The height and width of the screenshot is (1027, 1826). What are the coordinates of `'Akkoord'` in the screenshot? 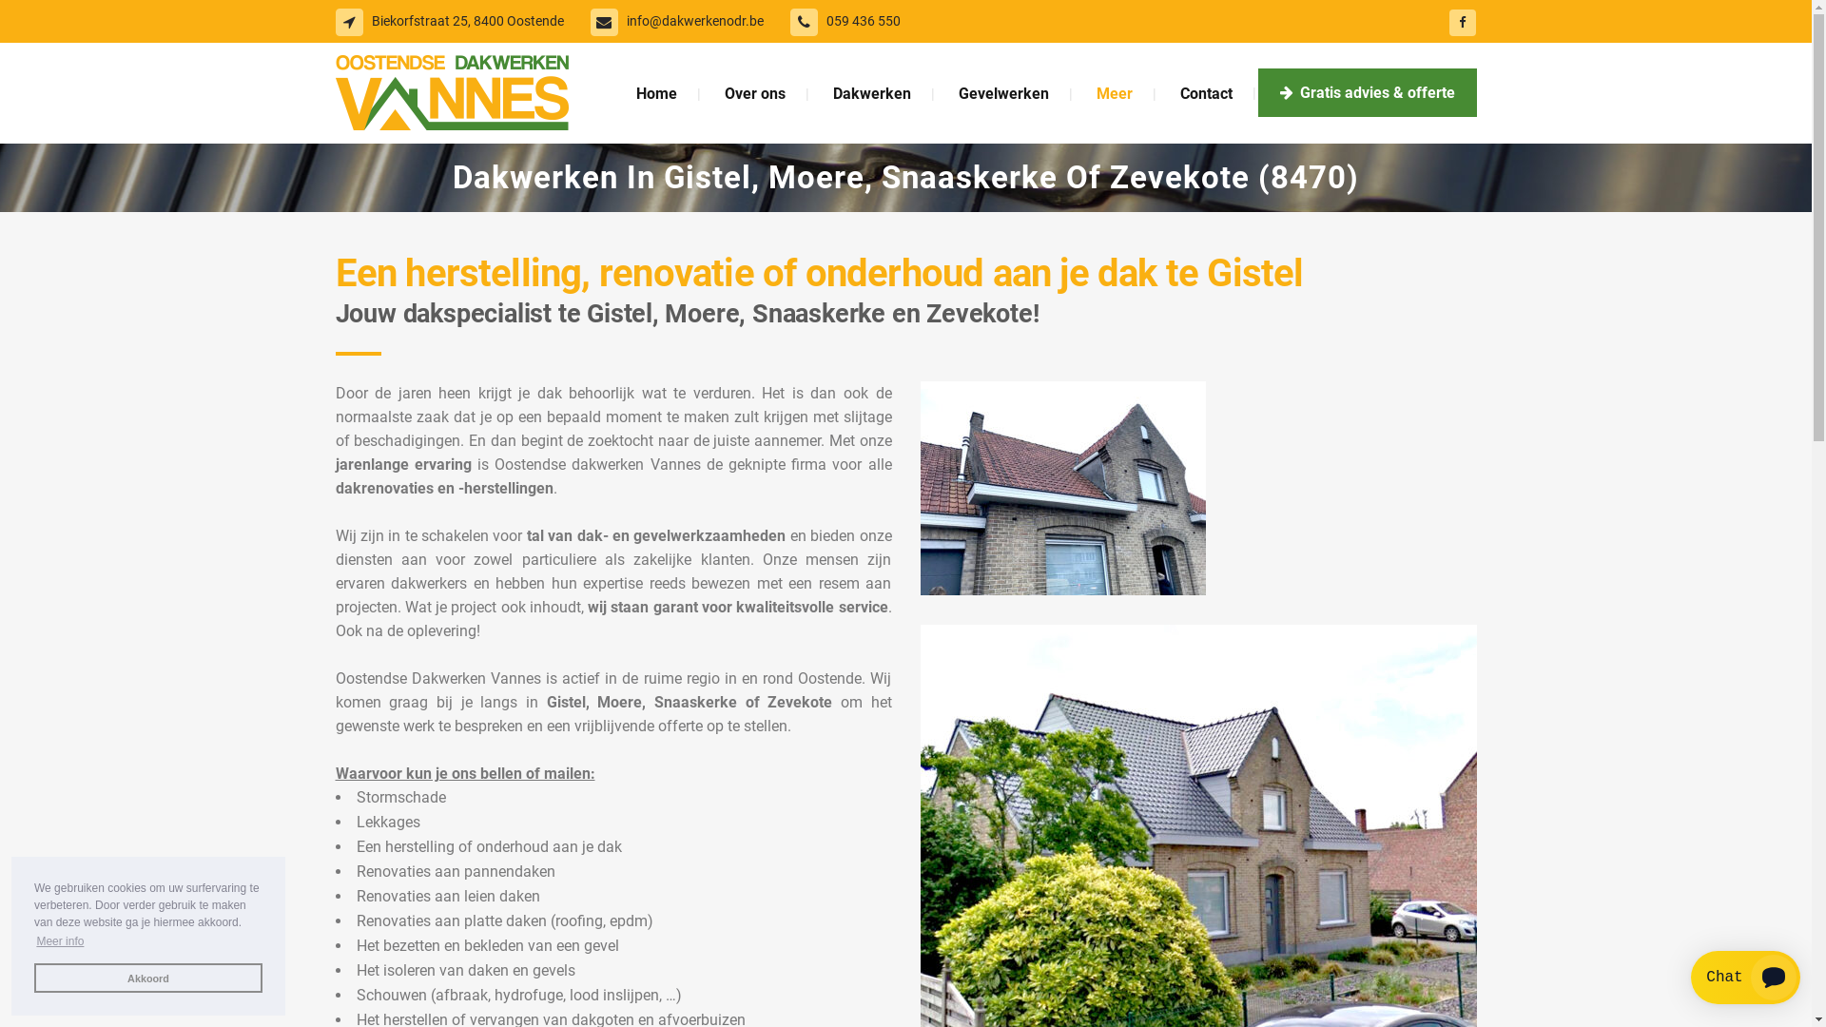 It's located at (33, 978).